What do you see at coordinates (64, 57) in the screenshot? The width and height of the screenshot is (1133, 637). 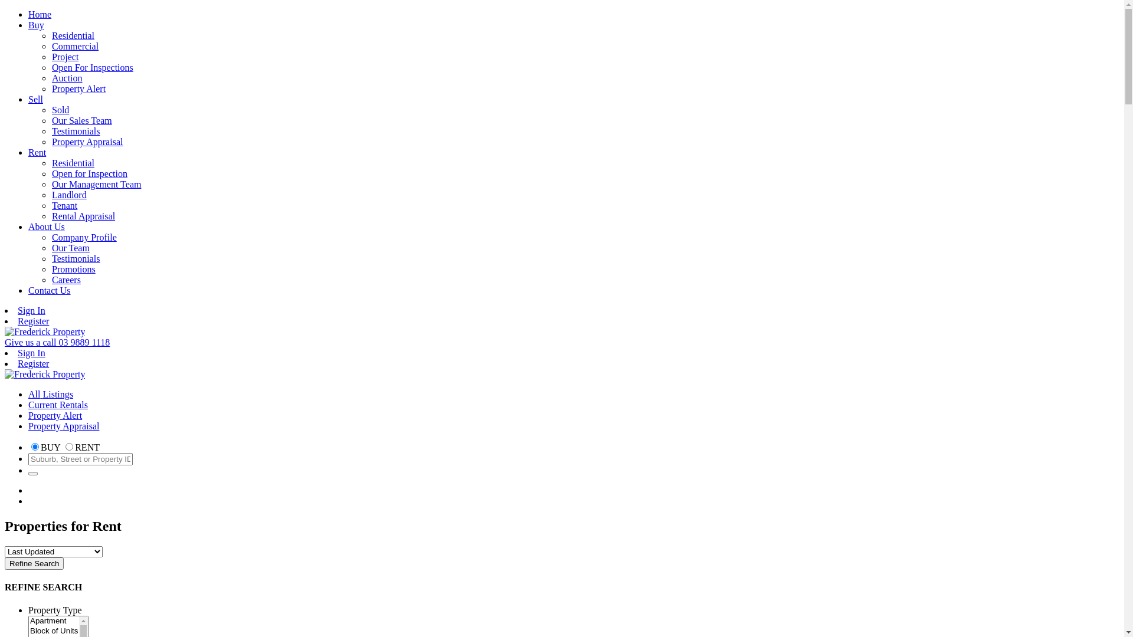 I see `'Project'` at bounding box center [64, 57].